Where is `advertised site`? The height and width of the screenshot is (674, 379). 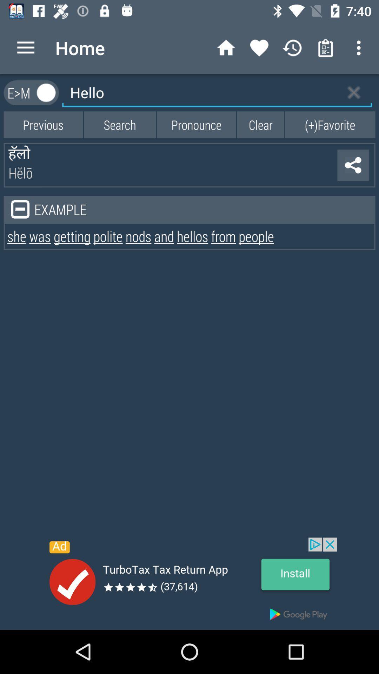 advertised site is located at coordinates (189, 583).